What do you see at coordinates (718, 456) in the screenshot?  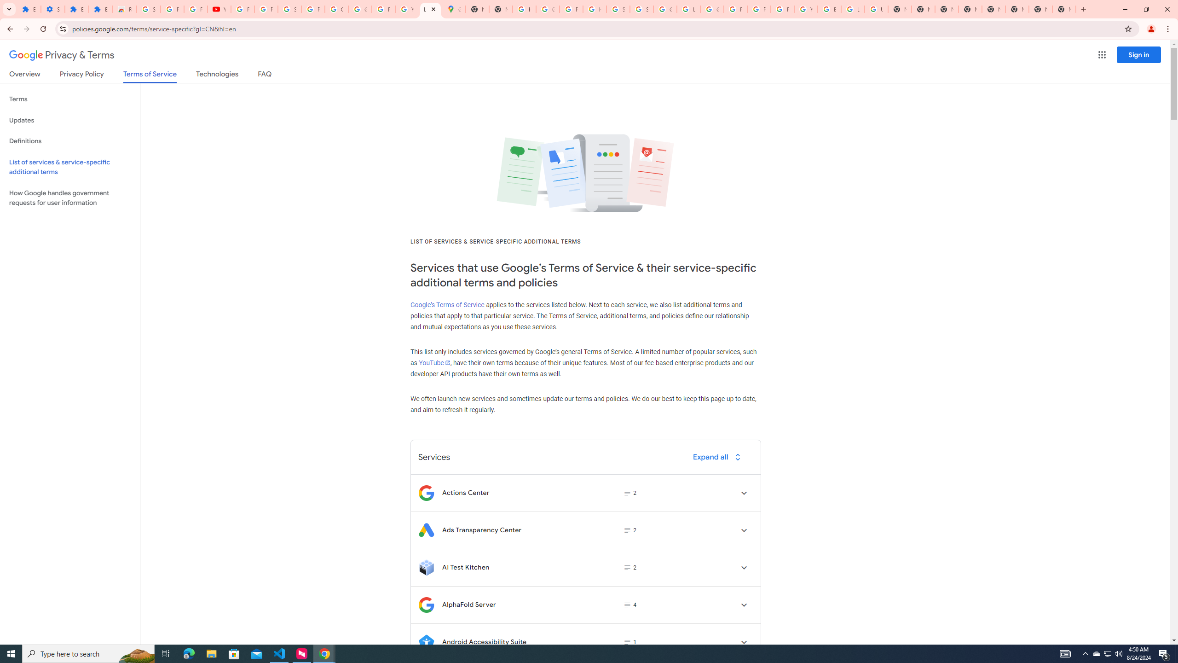 I see `'Expand all'` at bounding box center [718, 456].